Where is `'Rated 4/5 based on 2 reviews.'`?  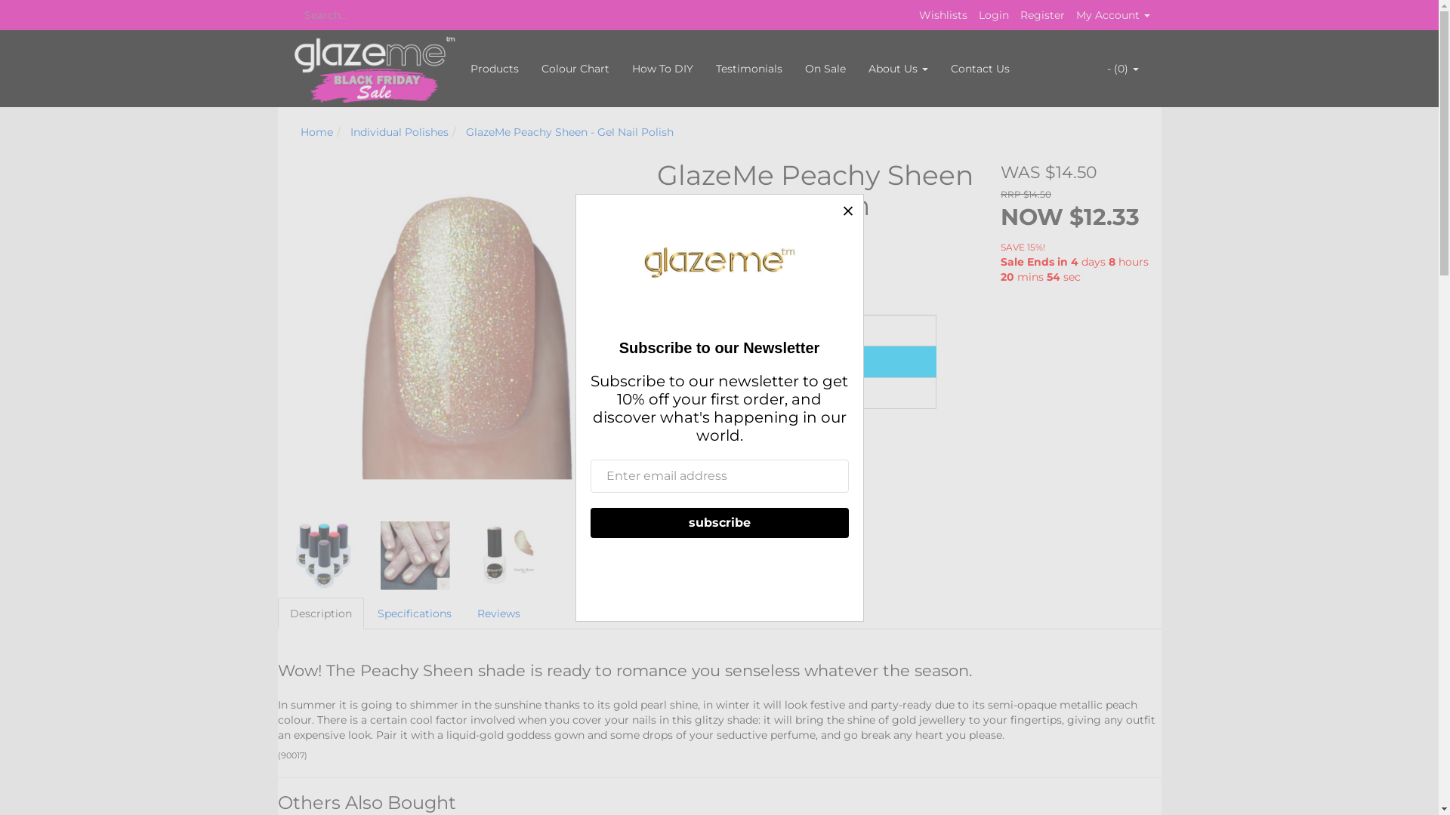
'Rated 4/5 based on 2 reviews.' is located at coordinates (717, 235).